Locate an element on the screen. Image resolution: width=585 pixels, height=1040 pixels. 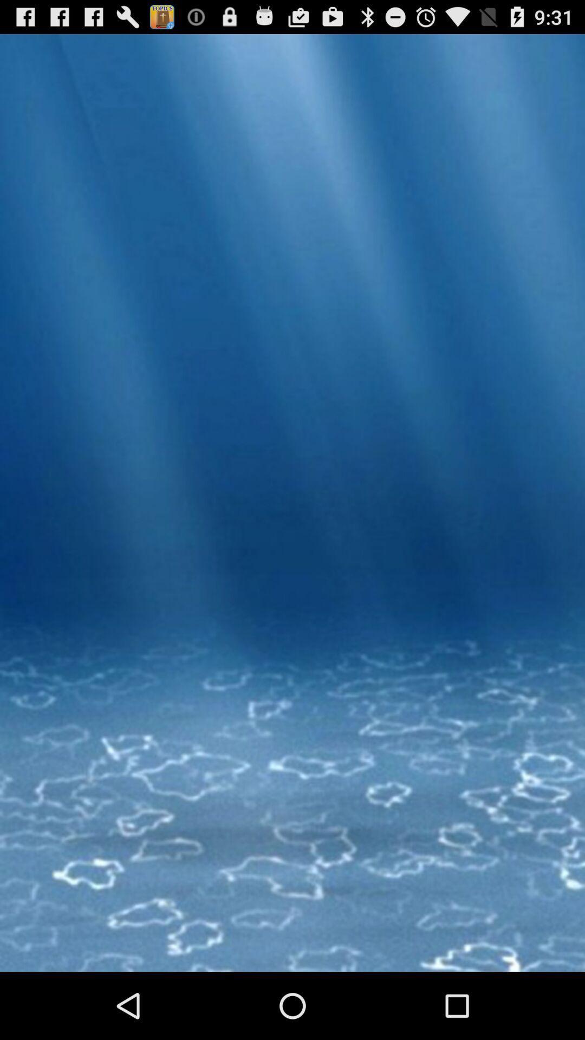
wallpaper window is located at coordinates (292, 545).